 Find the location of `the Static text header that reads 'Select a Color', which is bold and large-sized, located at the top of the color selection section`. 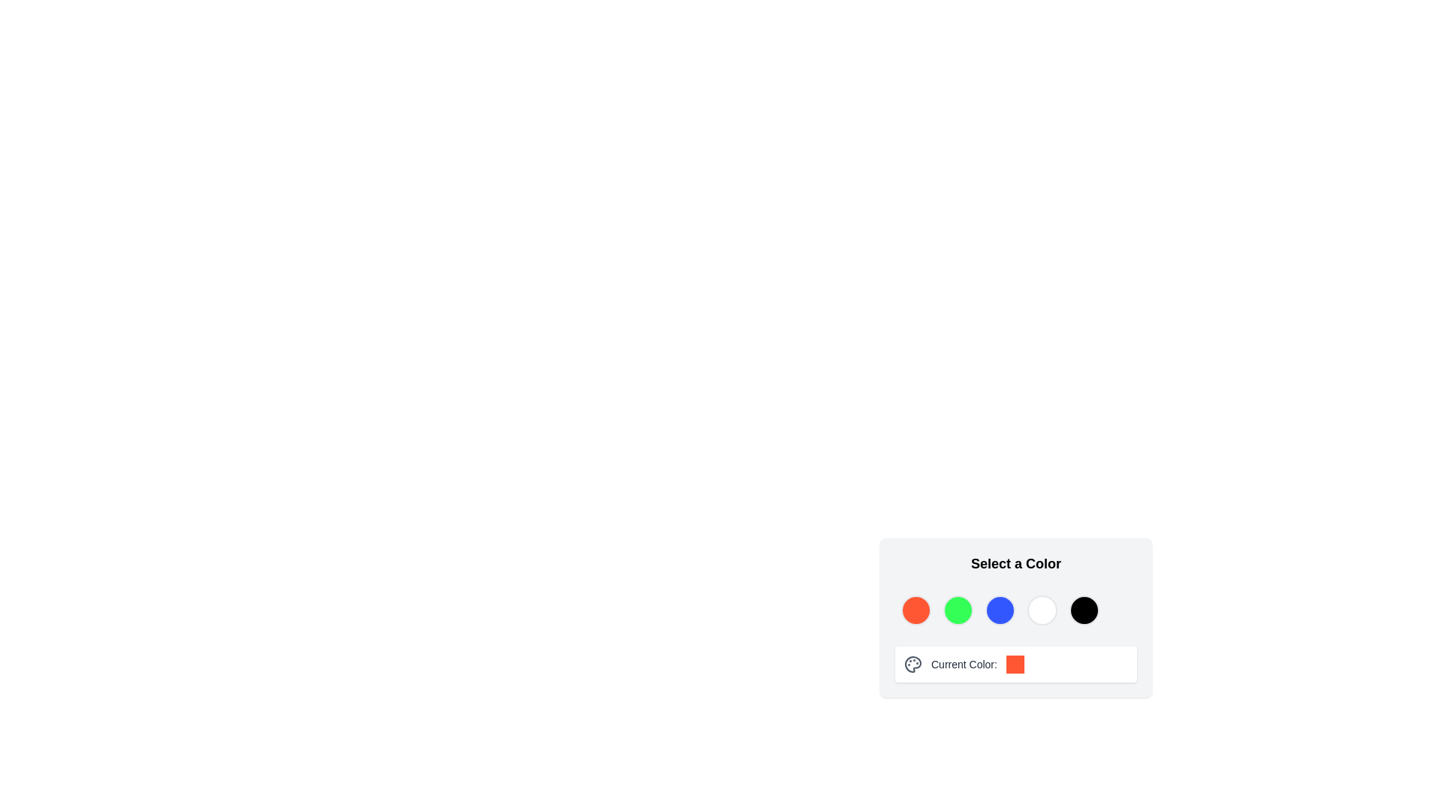

the Static text header that reads 'Select a Color', which is bold and large-sized, located at the top of the color selection section is located at coordinates (1016, 564).